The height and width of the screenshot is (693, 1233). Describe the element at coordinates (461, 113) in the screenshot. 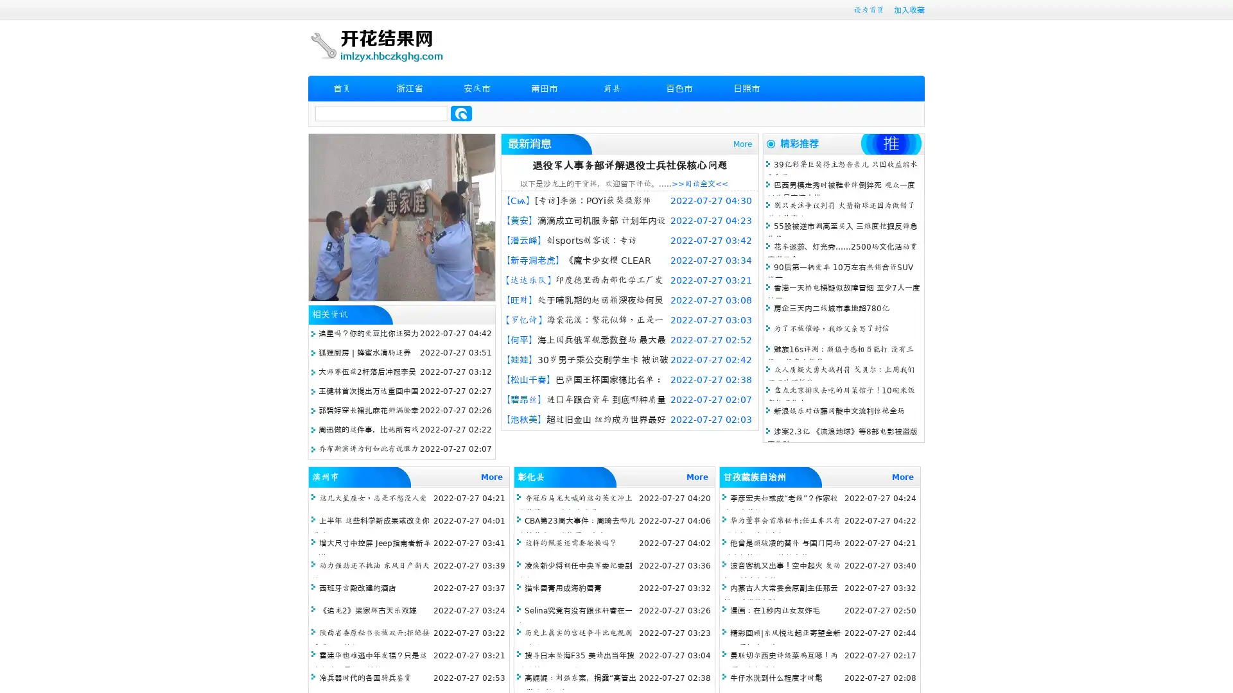

I see `Search` at that location.